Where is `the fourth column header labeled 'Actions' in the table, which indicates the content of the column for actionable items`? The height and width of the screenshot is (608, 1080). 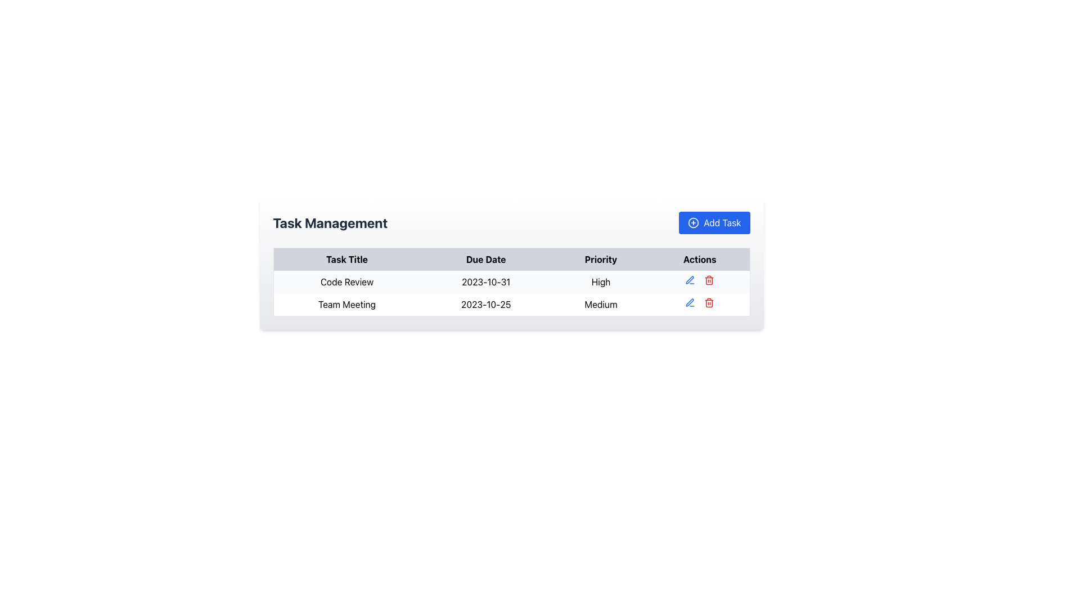
the fourth column header labeled 'Actions' in the table, which indicates the content of the column for actionable items is located at coordinates (699, 259).